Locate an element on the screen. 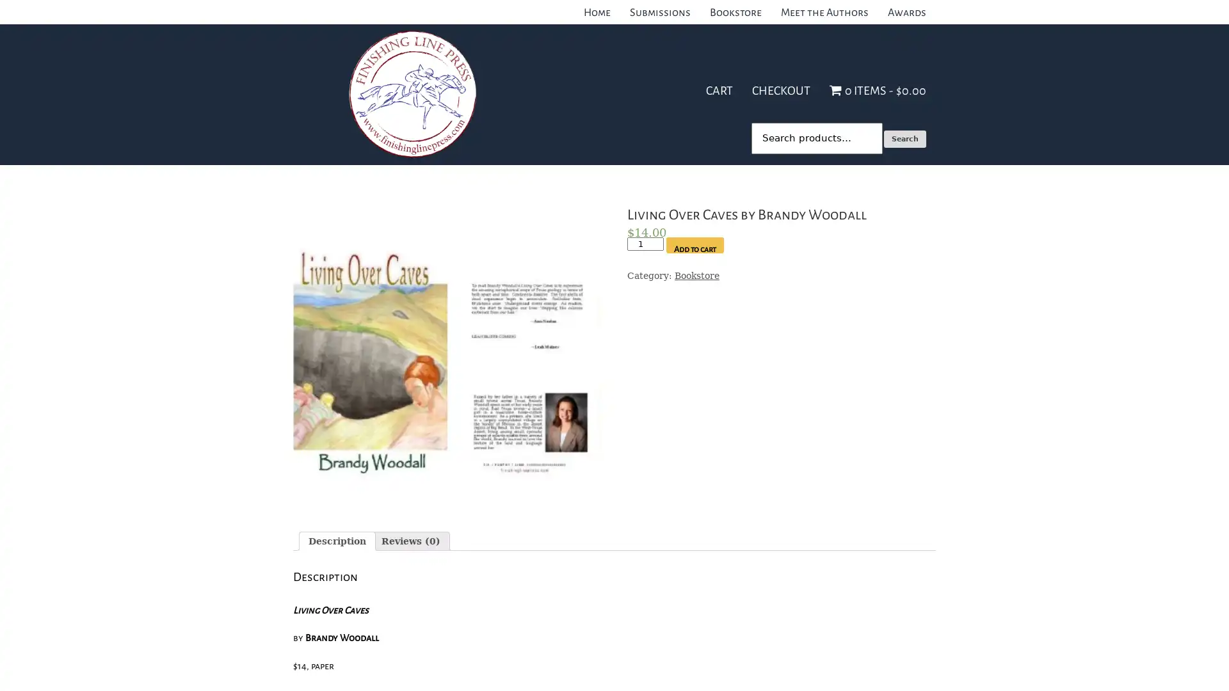 The image size is (1229, 691). Search is located at coordinates (904, 139).